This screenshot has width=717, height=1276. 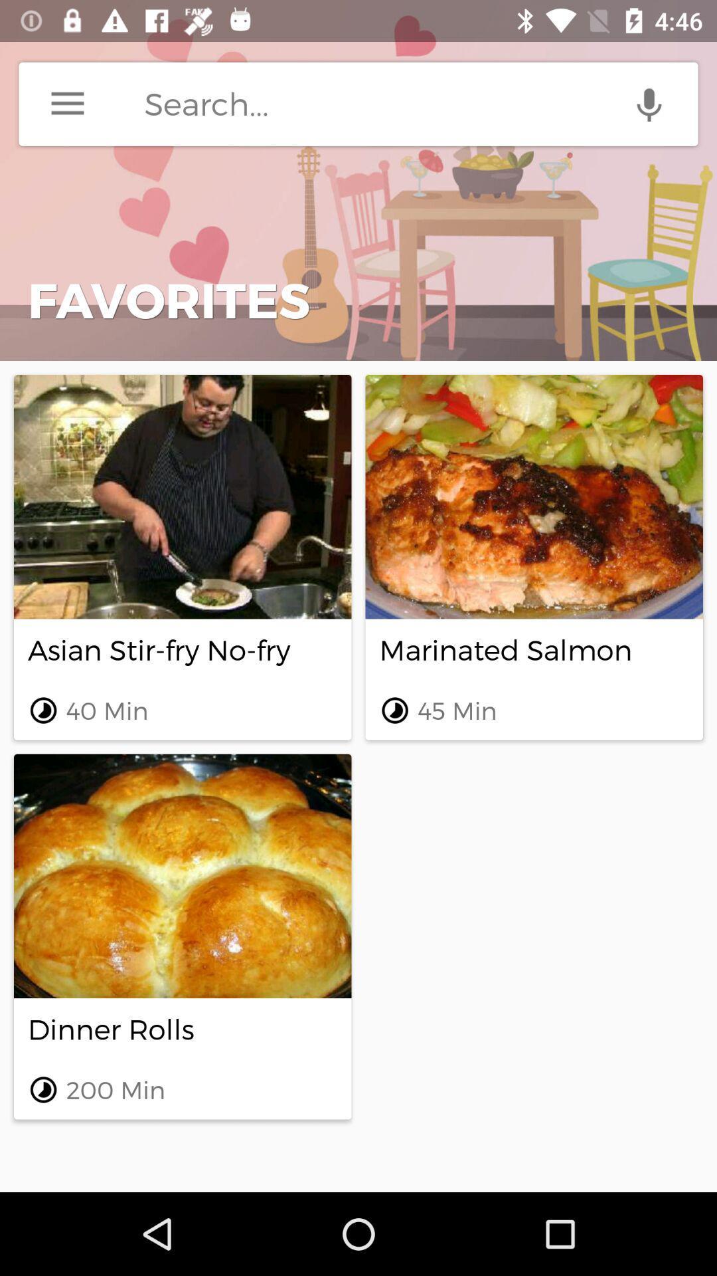 What do you see at coordinates (421, 103) in the screenshot?
I see `search area` at bounding box center [421, 103].